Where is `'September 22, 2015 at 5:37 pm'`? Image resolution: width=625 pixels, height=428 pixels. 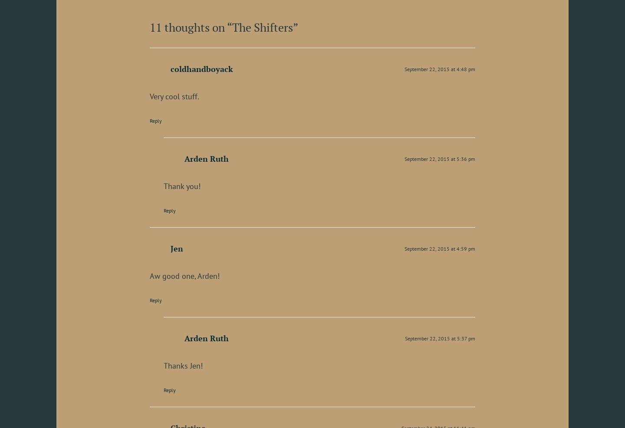 'September 22, 2015 at 5:37 pm' is located at coordinates (440, 338).